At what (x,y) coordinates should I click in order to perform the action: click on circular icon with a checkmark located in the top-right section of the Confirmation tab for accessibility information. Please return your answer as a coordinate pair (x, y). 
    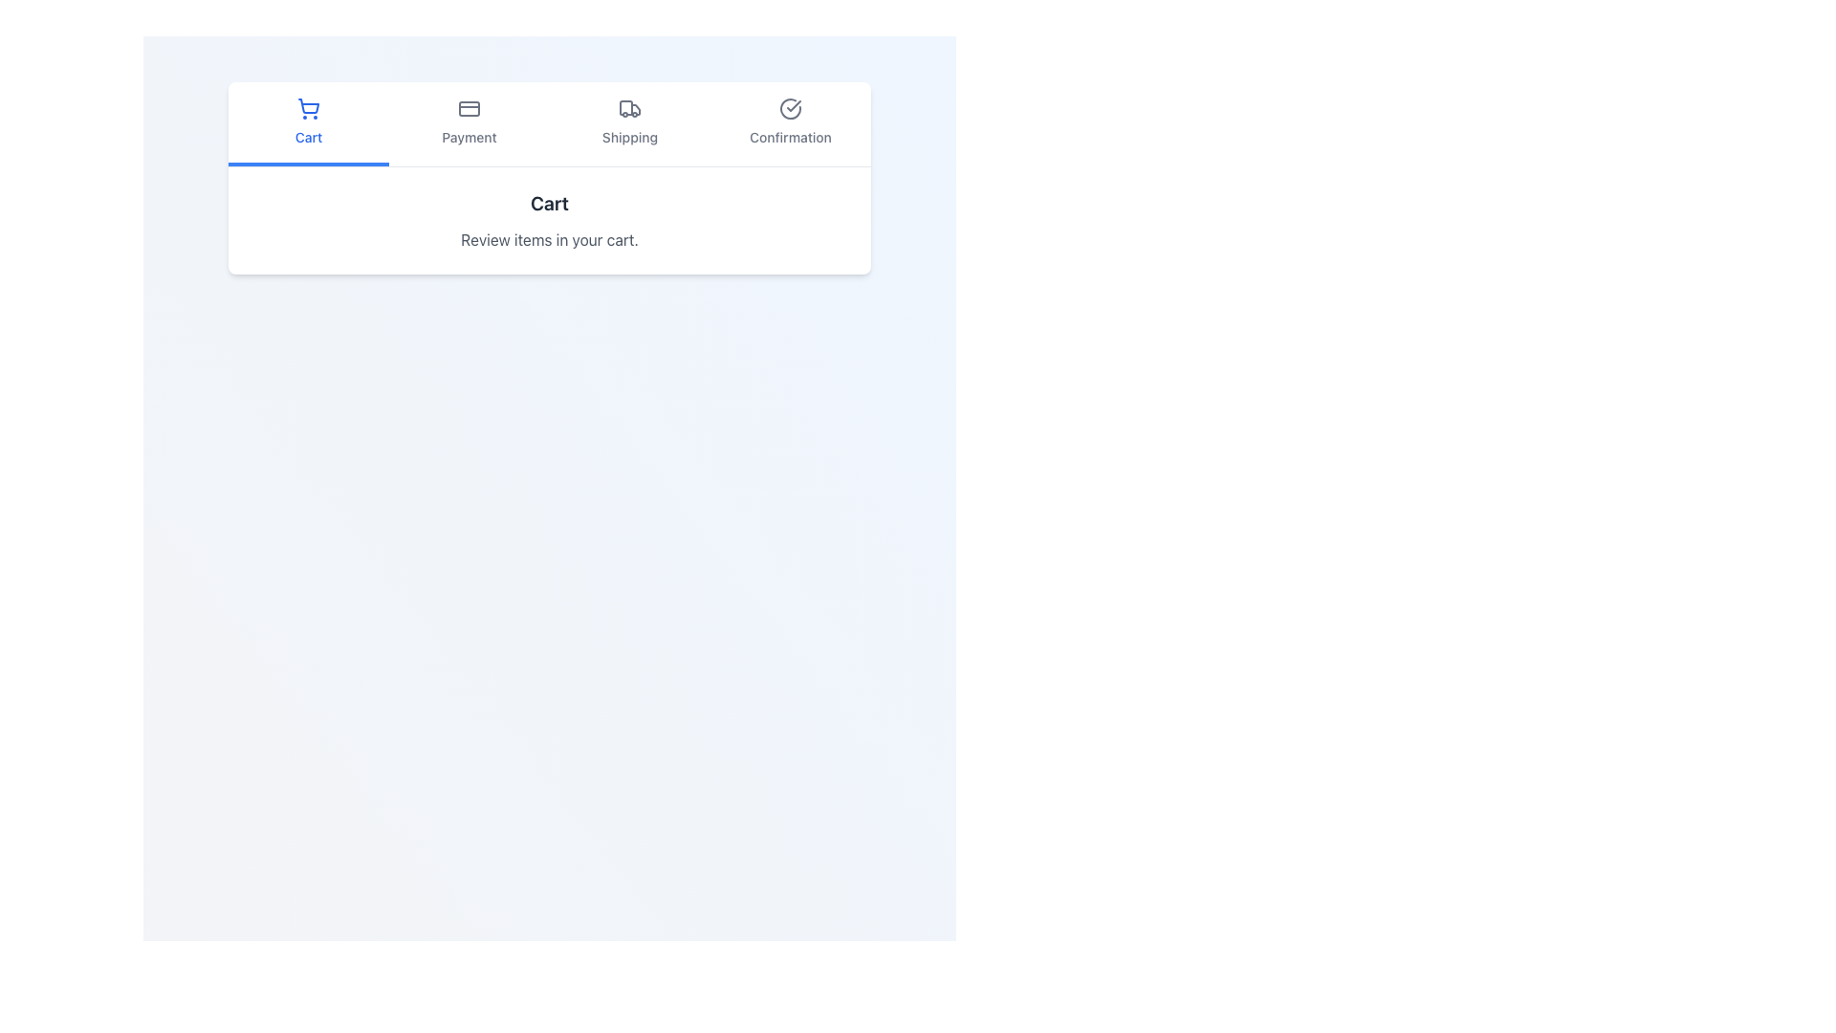
    Looking at the image, I should click on (790, 109).